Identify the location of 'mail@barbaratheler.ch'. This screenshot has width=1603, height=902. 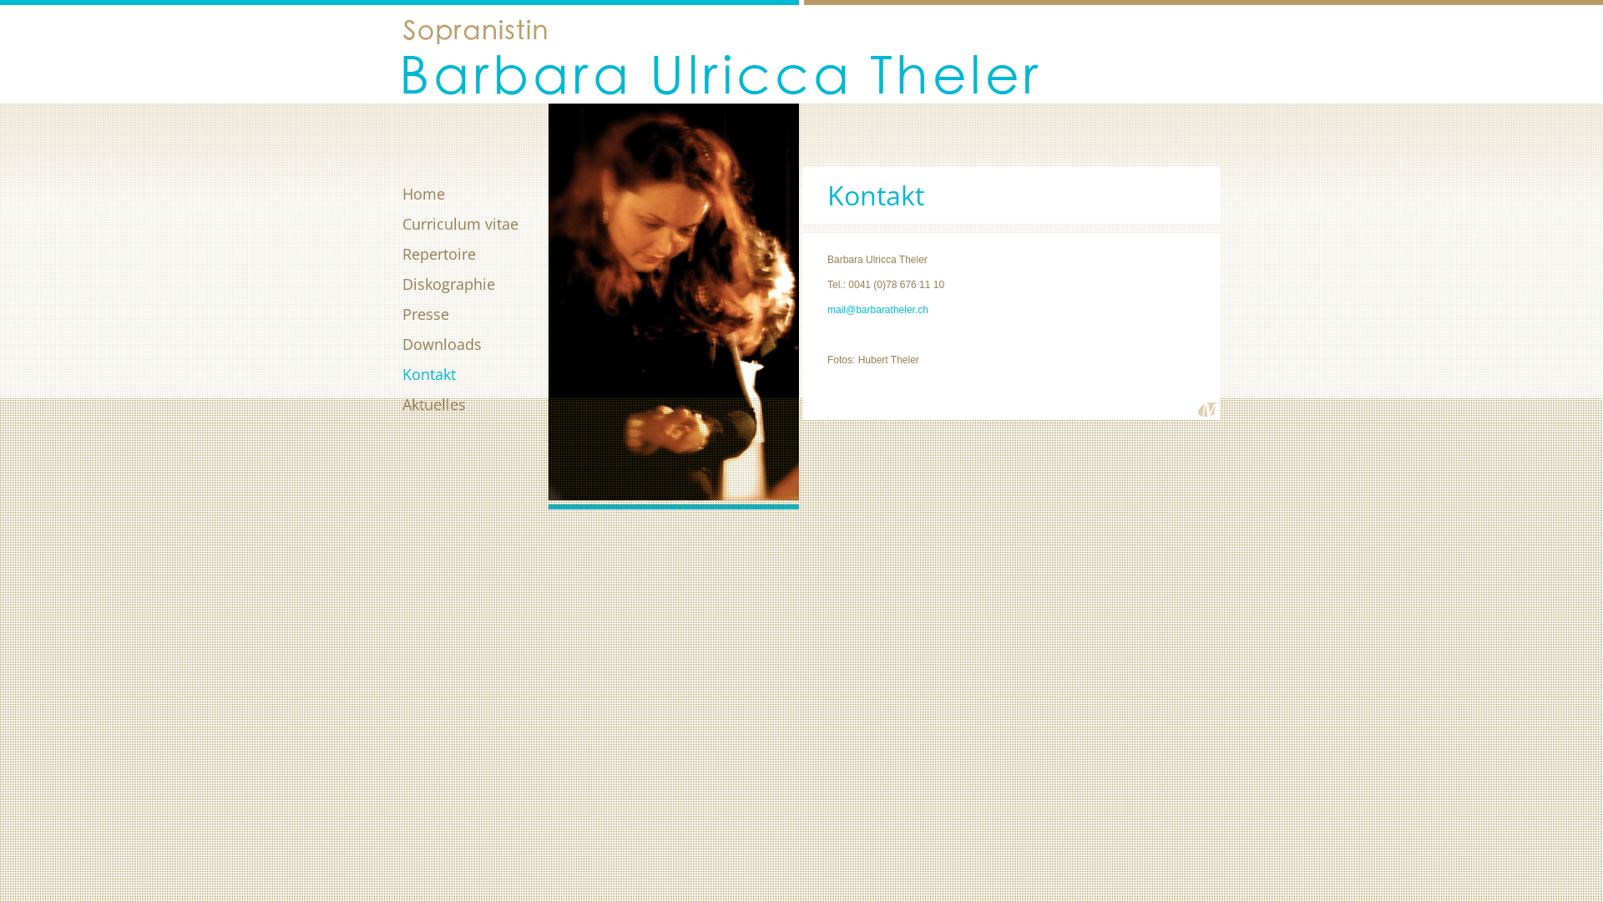
(827, 309).